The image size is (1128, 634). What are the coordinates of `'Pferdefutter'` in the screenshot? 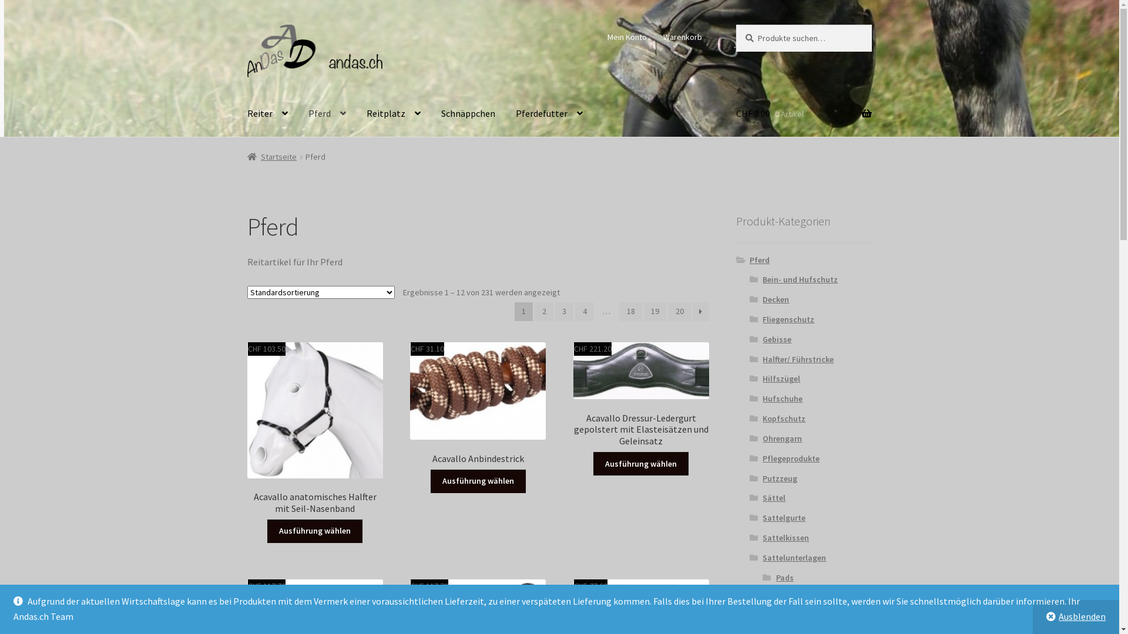 It's located at (549, 113).